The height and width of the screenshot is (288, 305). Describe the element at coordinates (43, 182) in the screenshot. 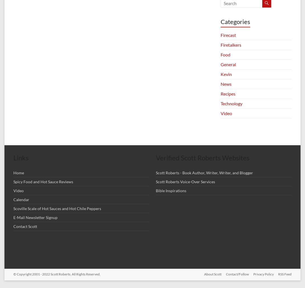

I see `'Spicy Food and Hot Sauce Reviews'` at that location.